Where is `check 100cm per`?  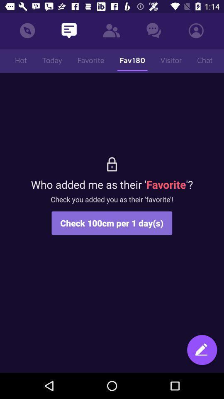
check 100cm per is located at coordinates (112, 222).